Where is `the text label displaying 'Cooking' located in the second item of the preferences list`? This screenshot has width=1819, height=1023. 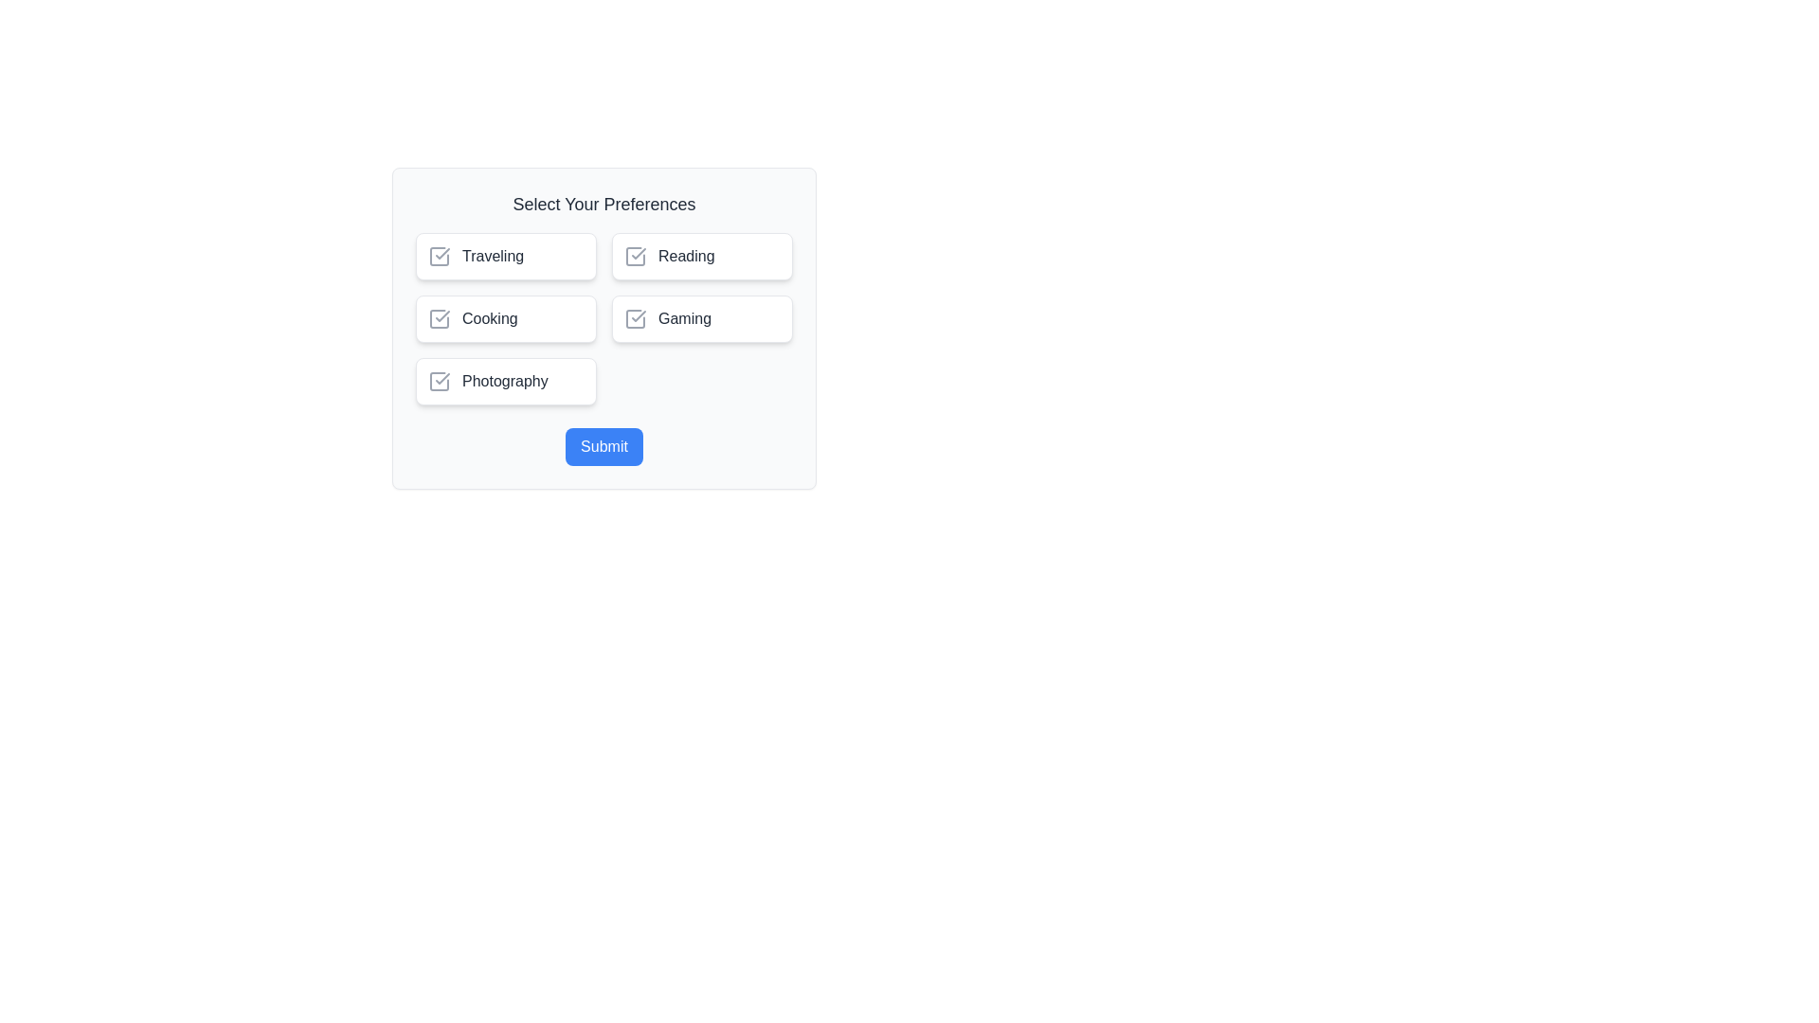
the text label displaying 'Cooking' located in the second item of the preferences list is located at coordinates (490, 317).